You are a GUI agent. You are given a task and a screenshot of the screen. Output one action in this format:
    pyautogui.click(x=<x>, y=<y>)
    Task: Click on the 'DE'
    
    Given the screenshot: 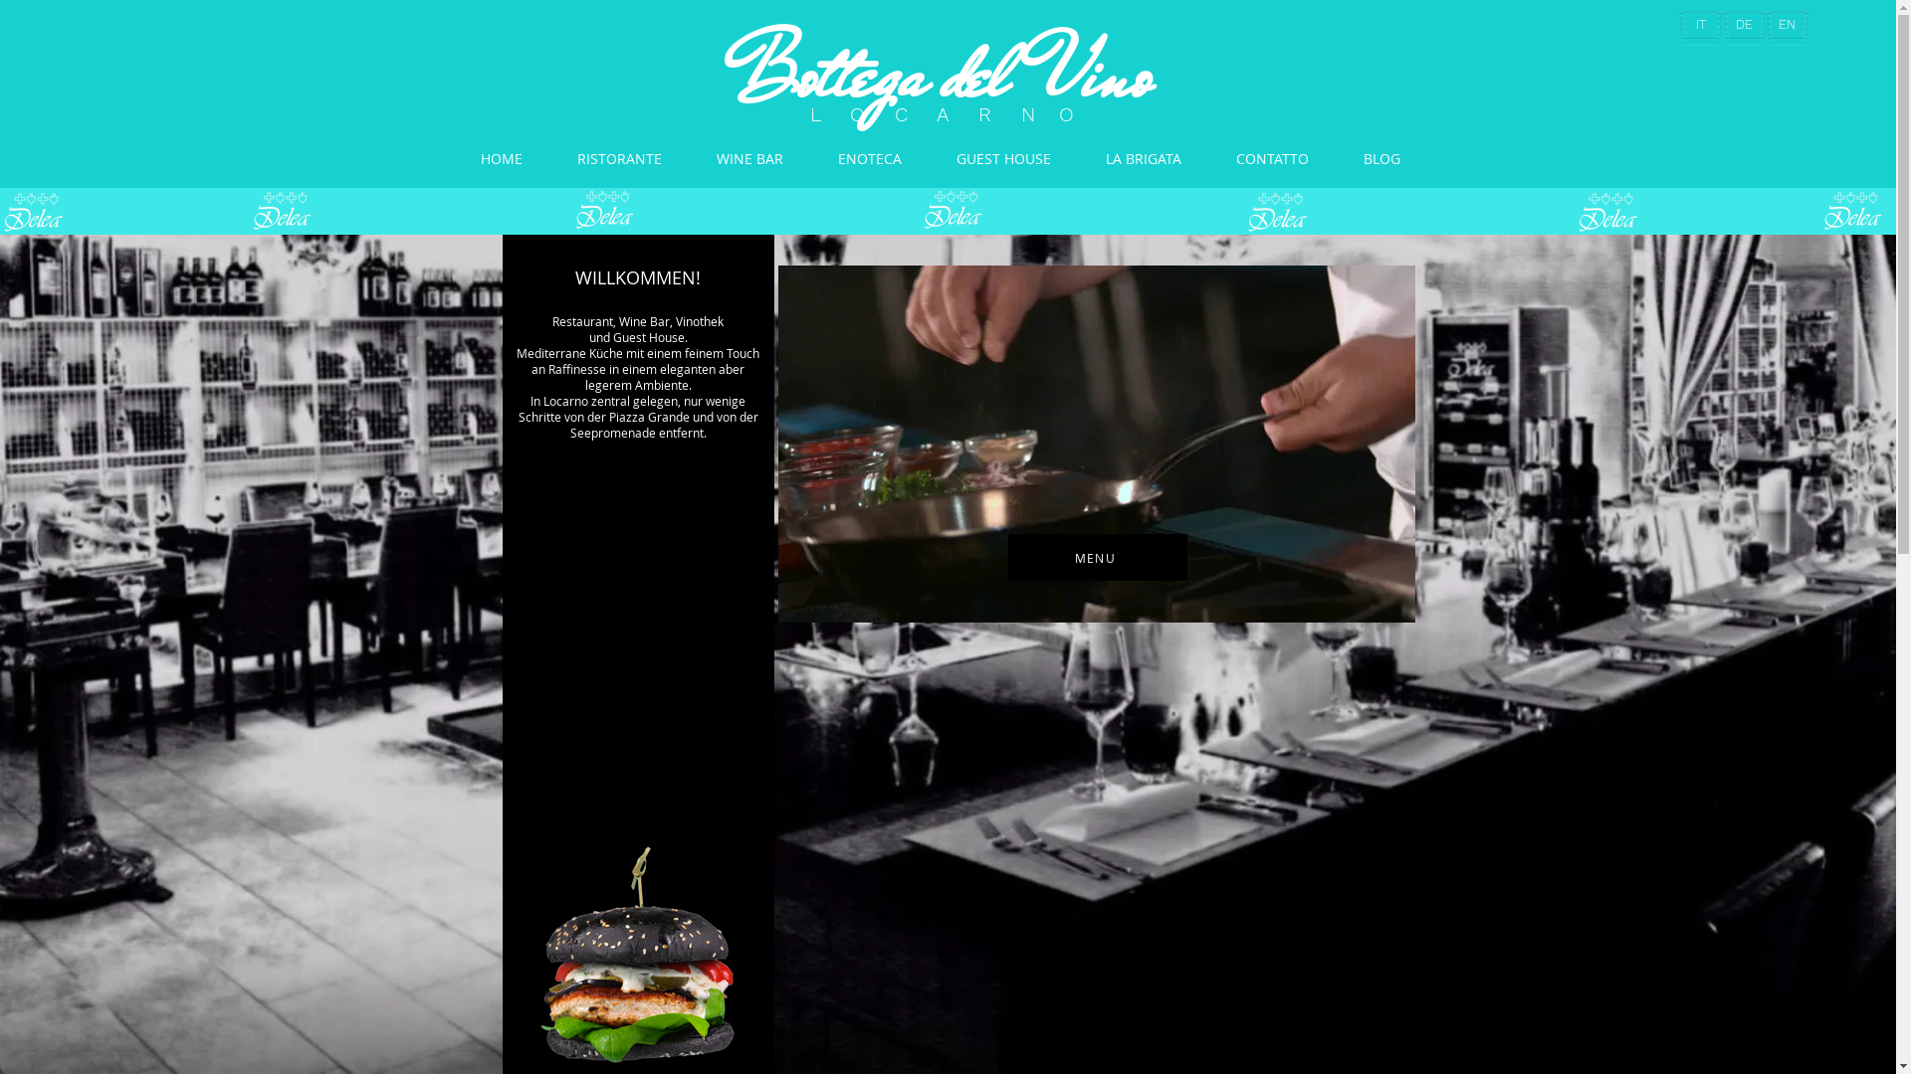 What is the action you would take?
    pyautogui.click(x=1743, y=24)
    